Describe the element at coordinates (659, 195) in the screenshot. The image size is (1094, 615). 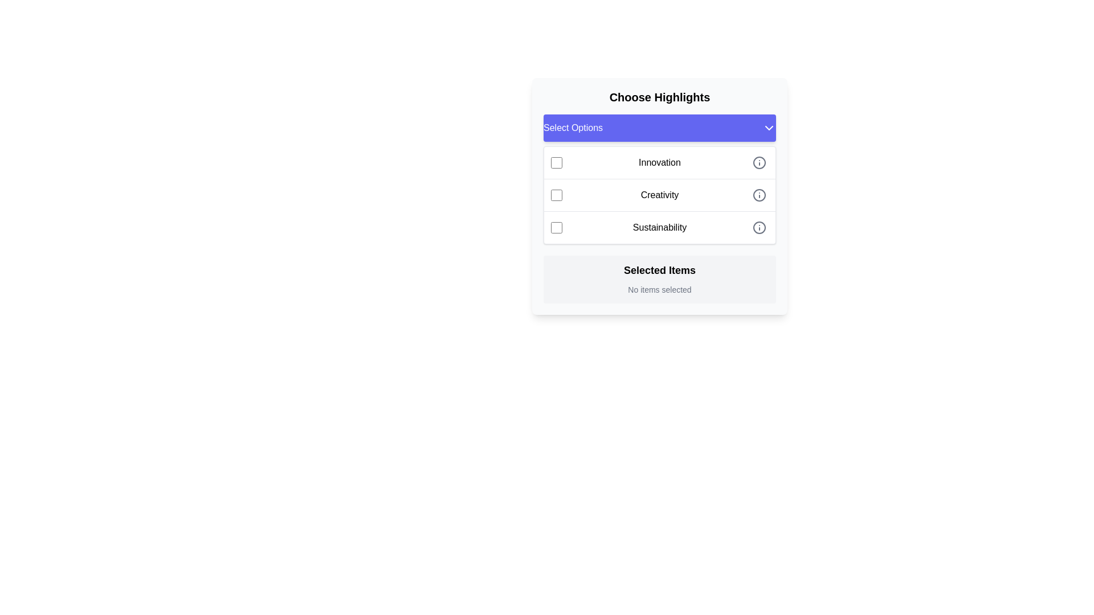
I see `the bold text 'Creativity' in the second row of the dropdown-like interface titled 'Choose Highlights' to focus or interact with it` at that location.